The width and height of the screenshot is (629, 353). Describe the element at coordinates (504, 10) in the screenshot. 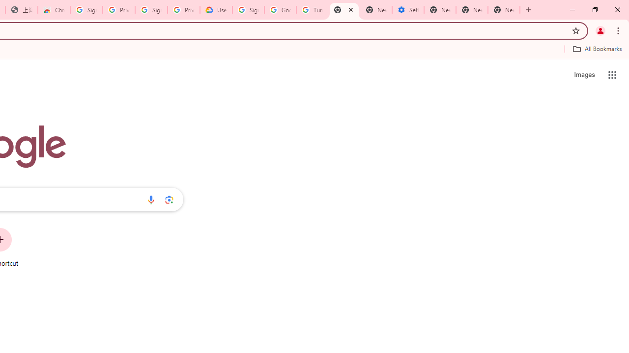

I see `'New Tab'` at that location.